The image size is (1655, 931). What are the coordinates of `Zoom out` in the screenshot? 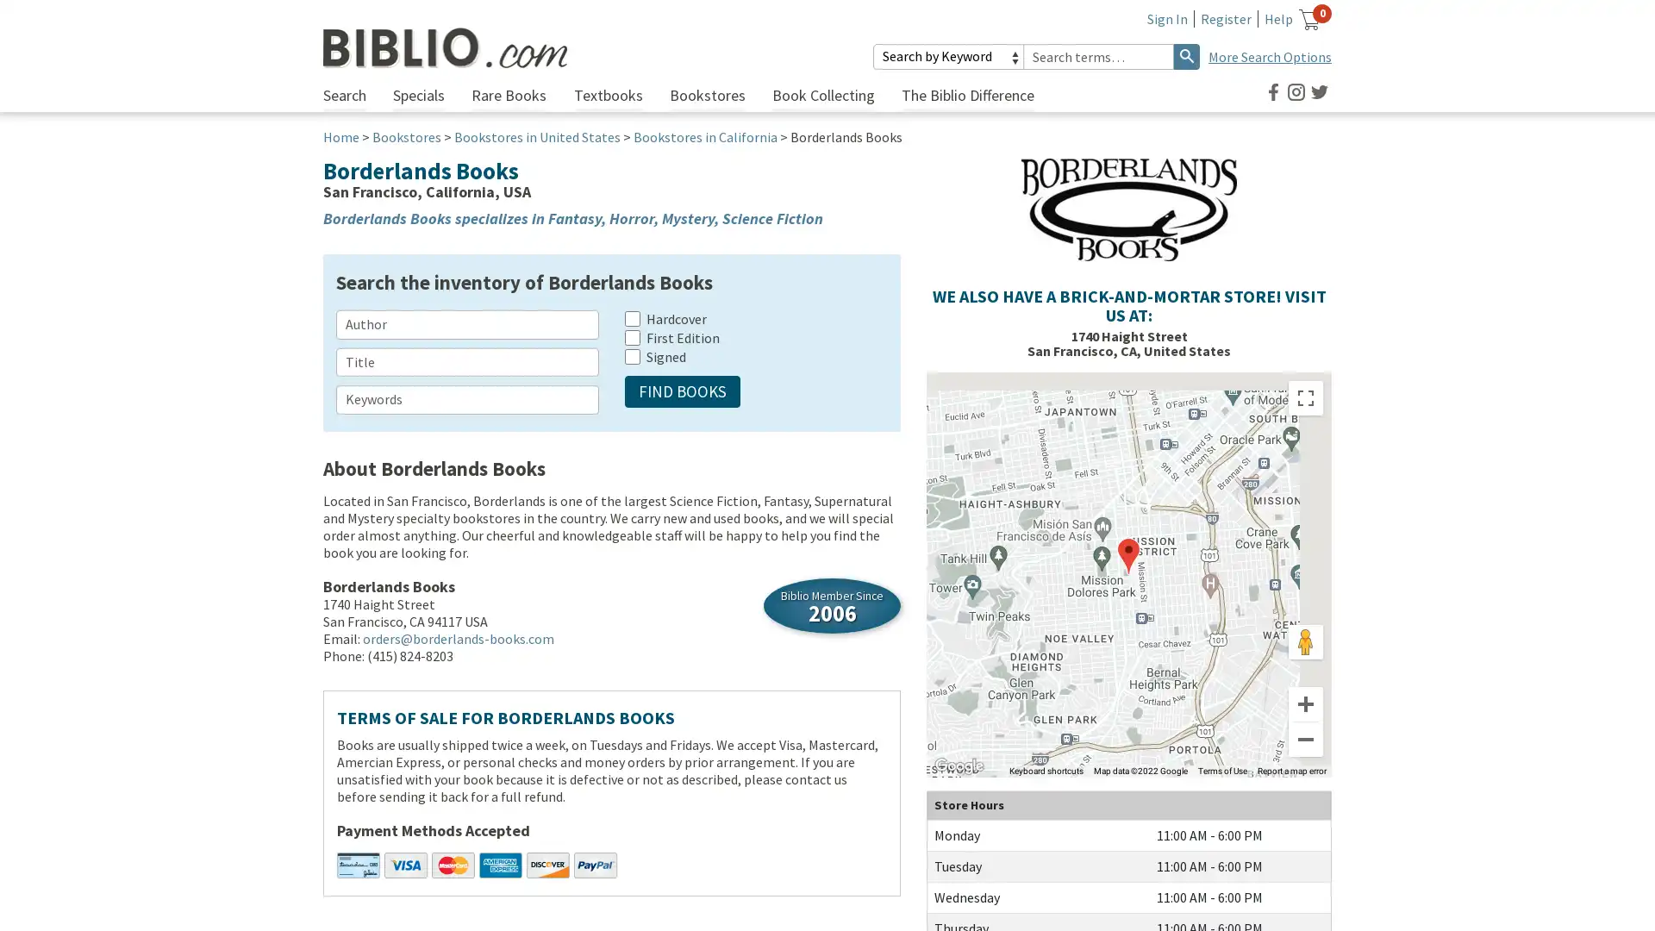 It's located at (1306, 738).